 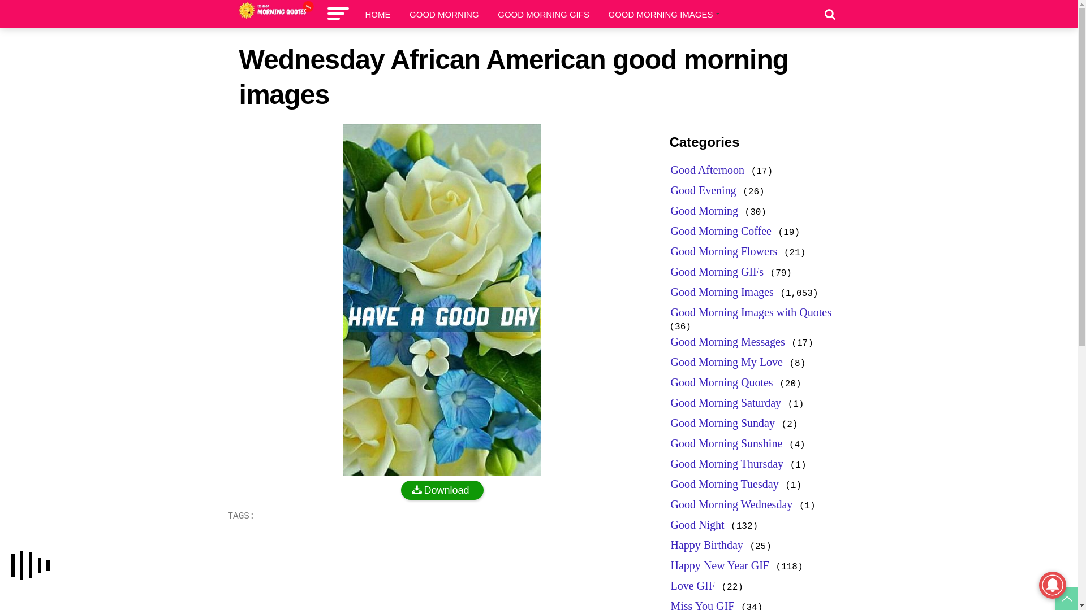 I want to click on 'Download', so click(x=441, y=489).